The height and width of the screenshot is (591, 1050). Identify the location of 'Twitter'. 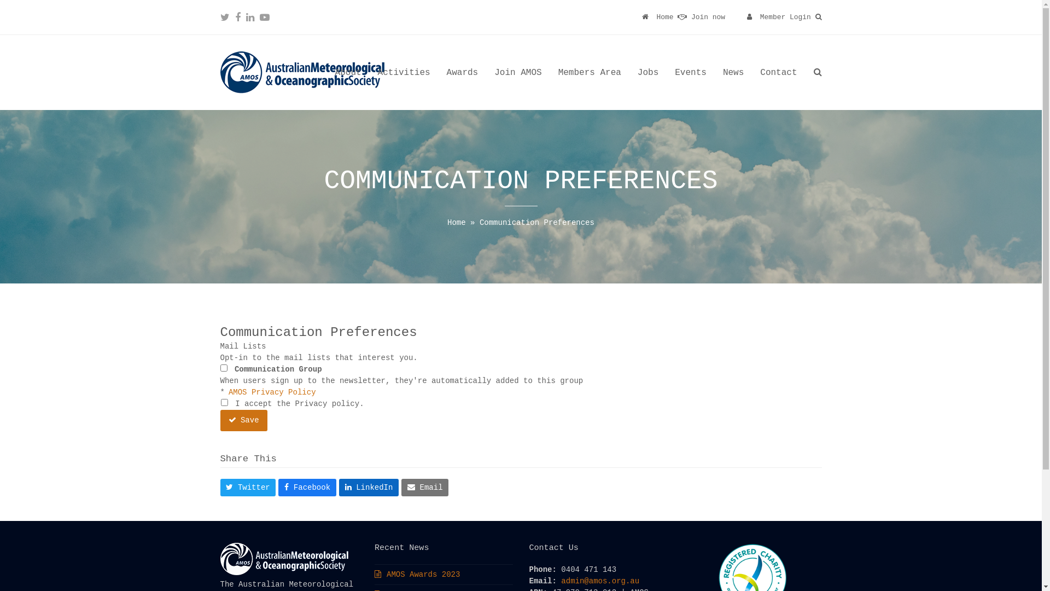
(224, 17).